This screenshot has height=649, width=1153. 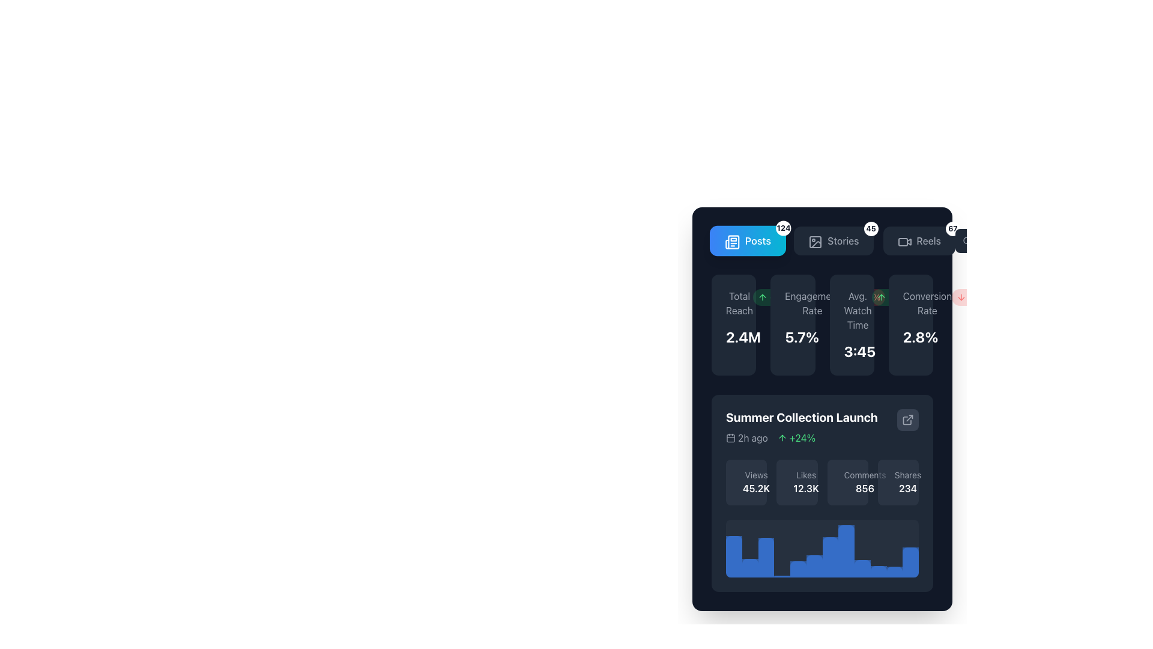 I want to click on value displayed in the text label that shows '3:45', which is positioned under the label 'Avg. Watch Time' and to the right of the indicator showing '+12.5%', so click(x=851, y=352).